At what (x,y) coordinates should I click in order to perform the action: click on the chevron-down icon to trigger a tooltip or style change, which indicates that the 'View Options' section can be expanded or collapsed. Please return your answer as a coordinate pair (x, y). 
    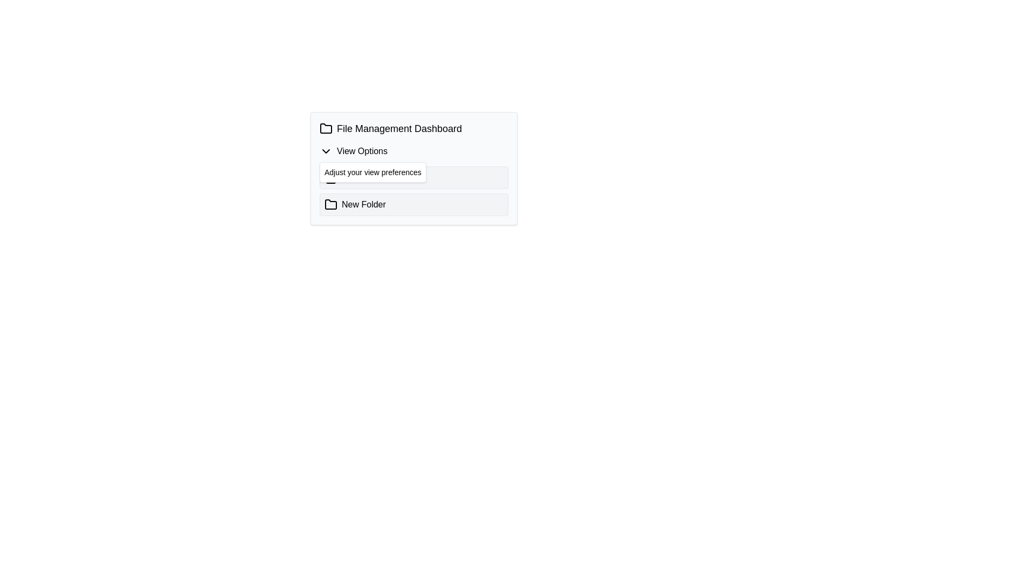
    Looking at the image, I should click on (325, 151).